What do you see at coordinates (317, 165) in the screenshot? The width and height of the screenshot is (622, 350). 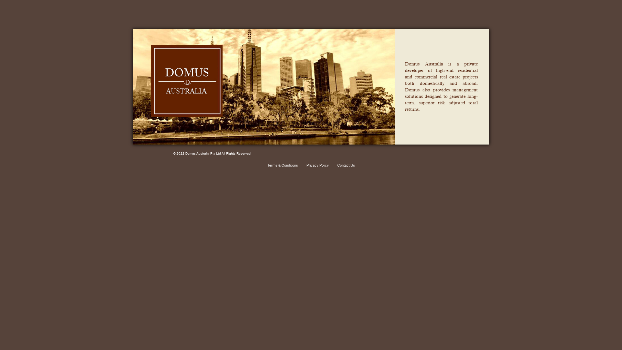 I see `'Privacy Policy'` at bounding box center [317, 165].